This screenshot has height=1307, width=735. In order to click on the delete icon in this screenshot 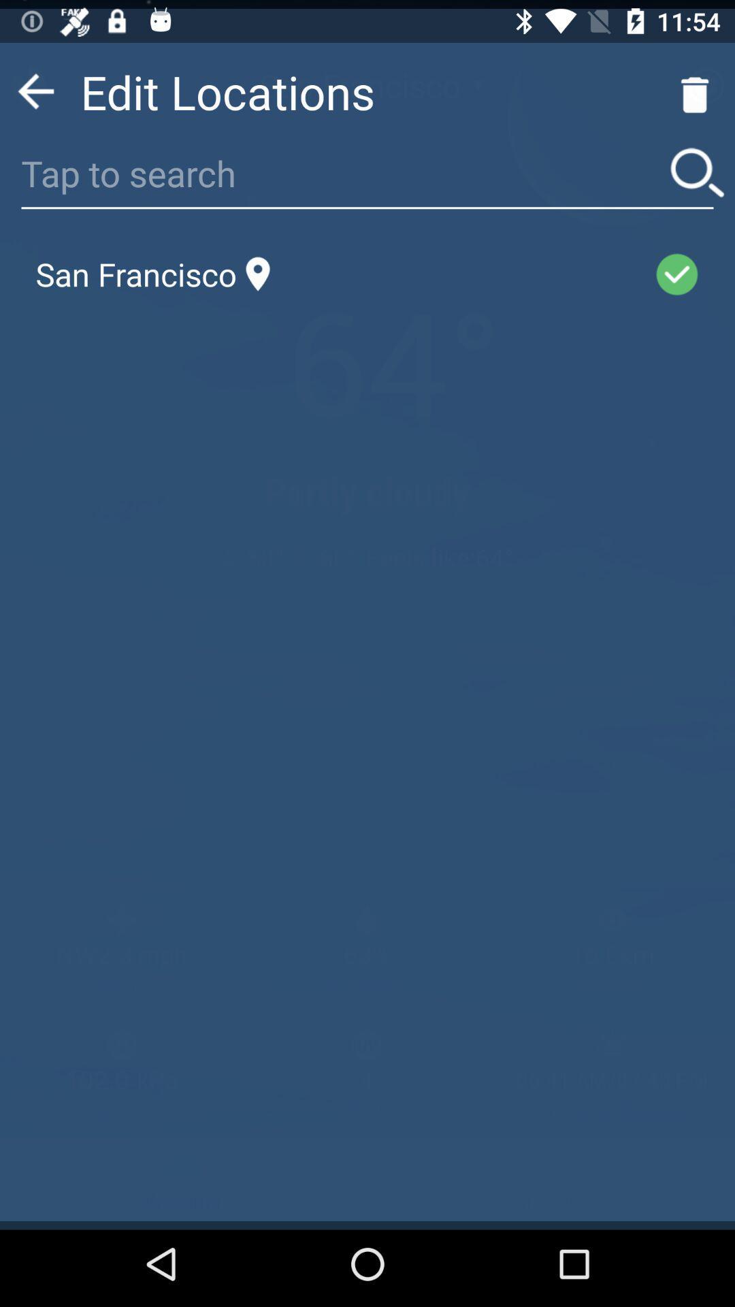, I will do `click(695, 82)`.